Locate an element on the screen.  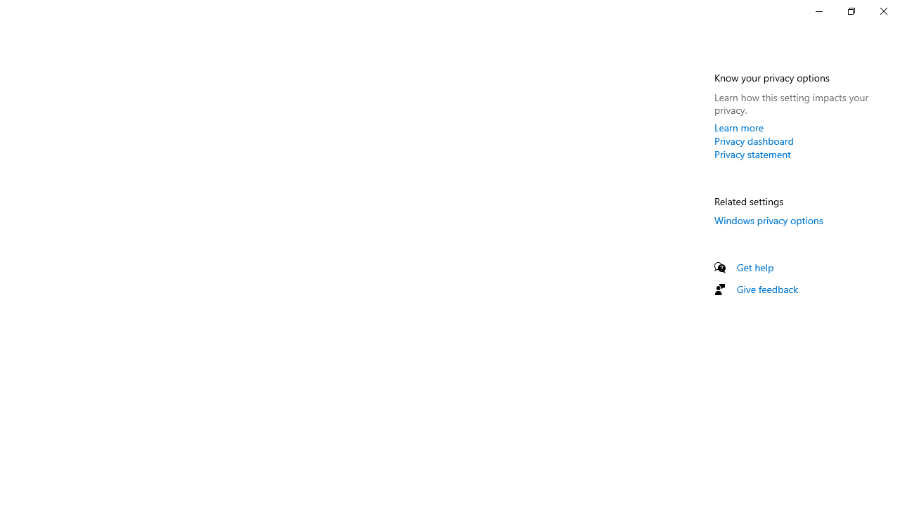
'Restore Settings' is located at coordinates (850, 11).